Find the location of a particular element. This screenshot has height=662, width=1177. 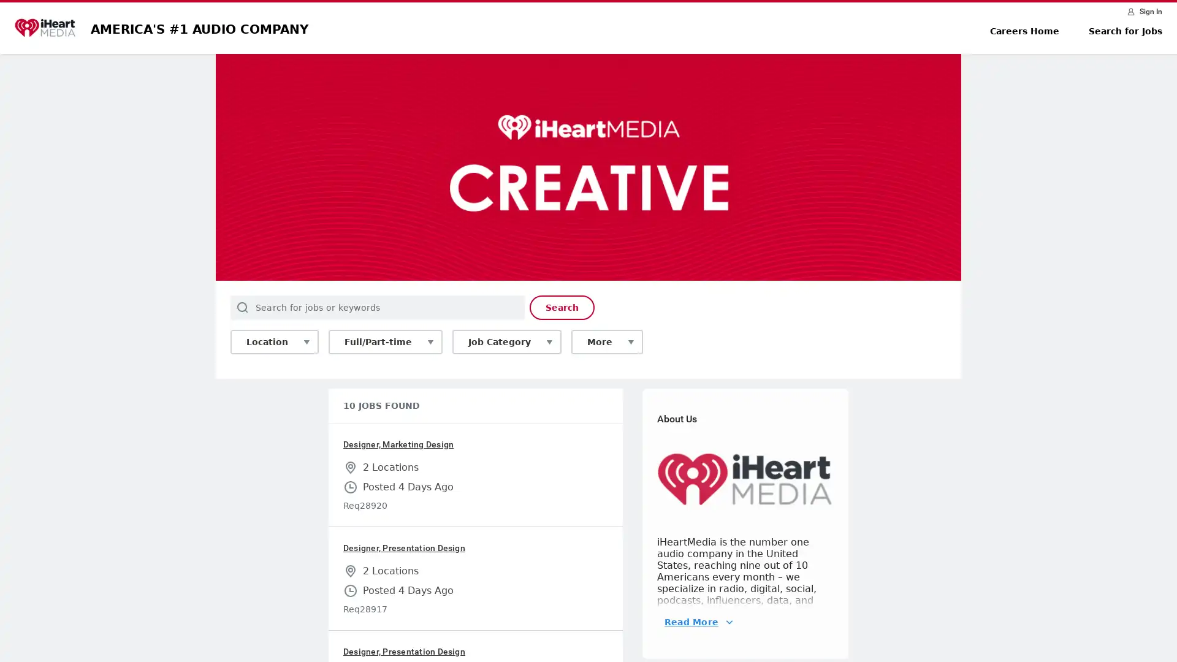

Search for Jobs is located at coordinates (1131, 31).